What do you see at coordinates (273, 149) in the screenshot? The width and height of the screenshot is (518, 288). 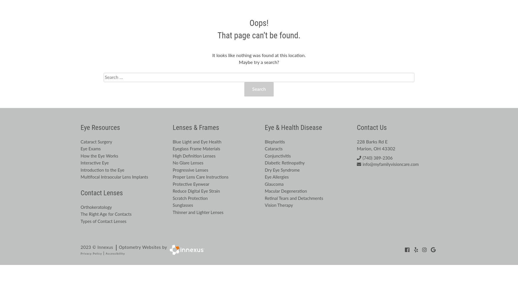 I see `'Cataracts'` at bounding box center [273, 149].